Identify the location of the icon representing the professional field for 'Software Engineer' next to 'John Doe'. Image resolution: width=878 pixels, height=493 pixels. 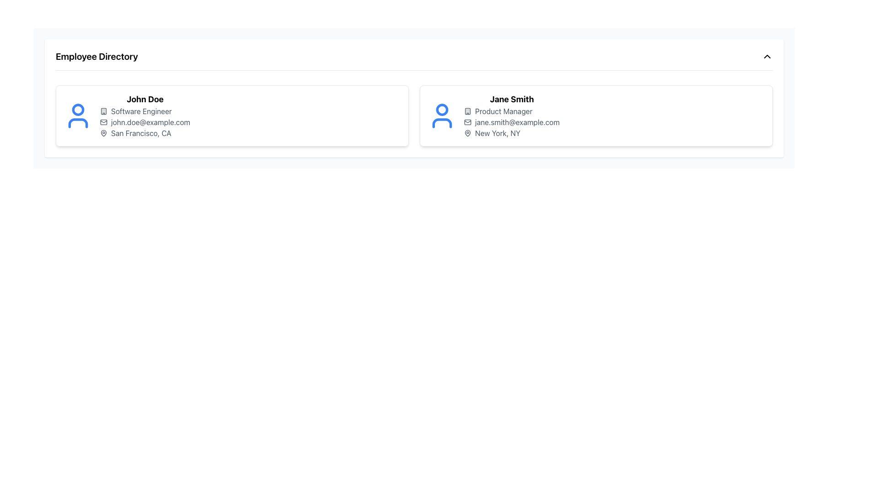
(103, 110).